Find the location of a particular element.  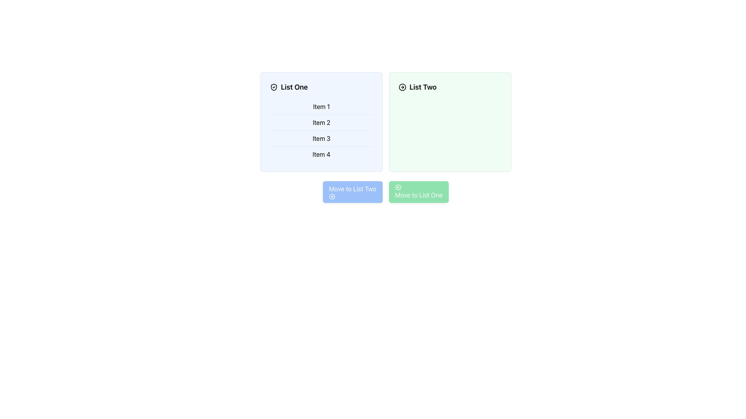

the circular arrow icon located centrally towards the left side of the blue button labeled 'Move to List Two' is located at coordinates (332, 196).